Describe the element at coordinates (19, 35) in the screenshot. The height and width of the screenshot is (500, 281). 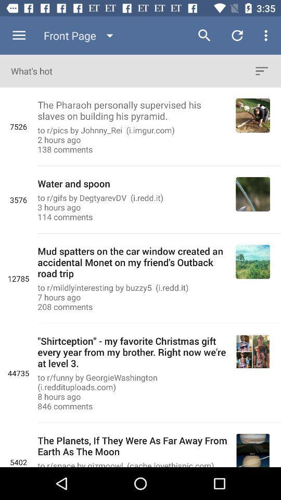
I see `icon above what's hot item` at that location.